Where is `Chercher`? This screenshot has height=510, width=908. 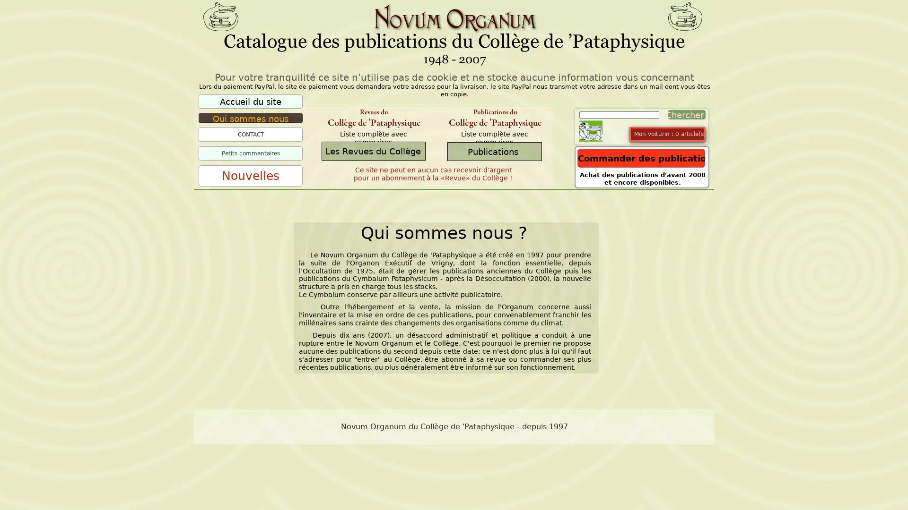 Chercher is located at coordinates (684, 114).